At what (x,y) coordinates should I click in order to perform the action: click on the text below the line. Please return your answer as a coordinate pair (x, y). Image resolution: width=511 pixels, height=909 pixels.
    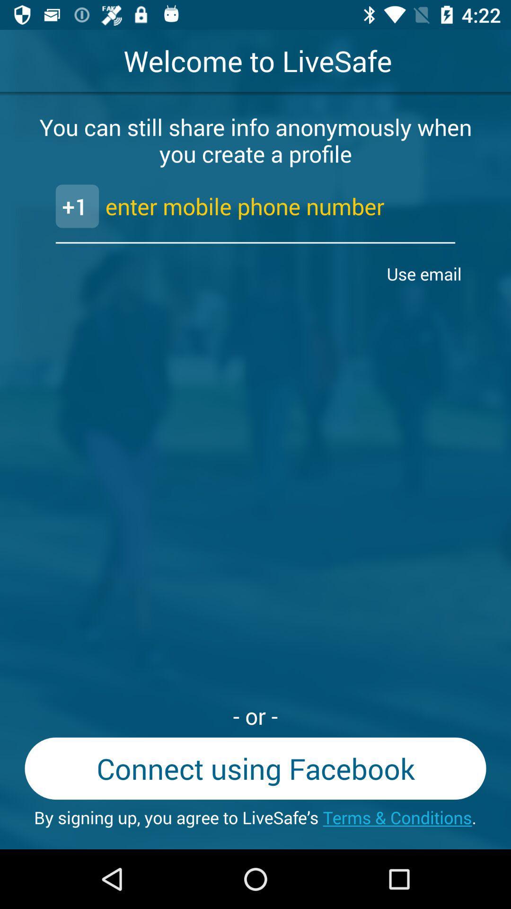
    Looking at the image, I should click on (427, 274).